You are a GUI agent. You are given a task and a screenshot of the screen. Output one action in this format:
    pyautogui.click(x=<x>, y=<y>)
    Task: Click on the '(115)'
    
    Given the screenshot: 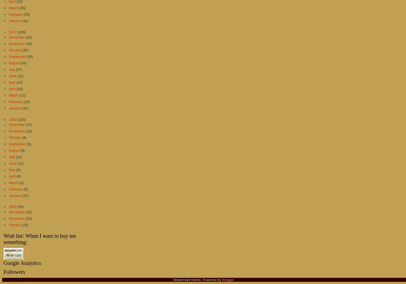 What is the action you would take?
    pyautogui.click(x=22, y=119)
    